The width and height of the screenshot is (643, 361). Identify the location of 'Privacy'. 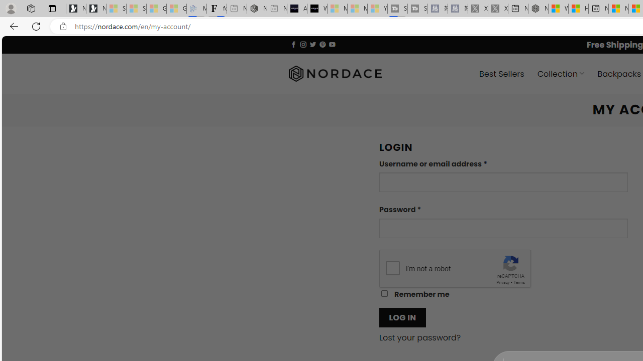
(503, 282).